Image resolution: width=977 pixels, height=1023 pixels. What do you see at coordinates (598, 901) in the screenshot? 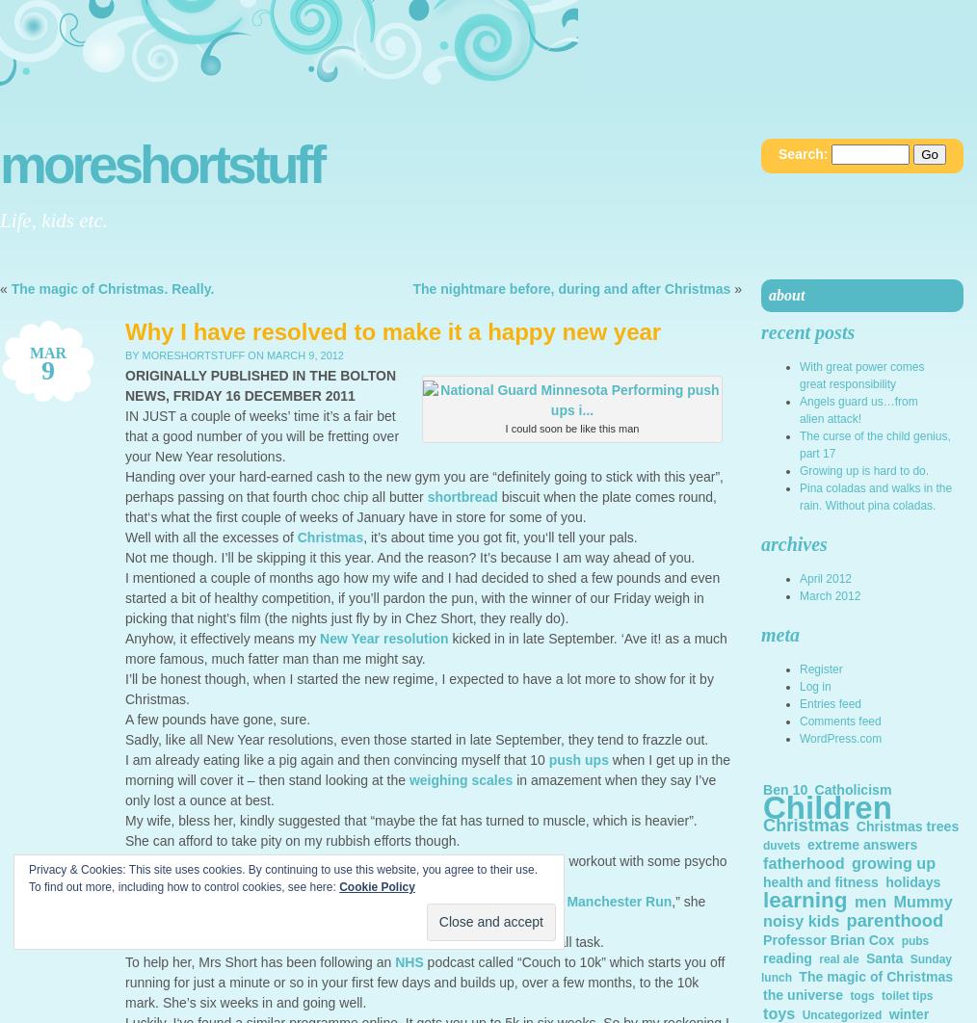
I see `'Great Manchester Run'` at bounding box center [598, 901].